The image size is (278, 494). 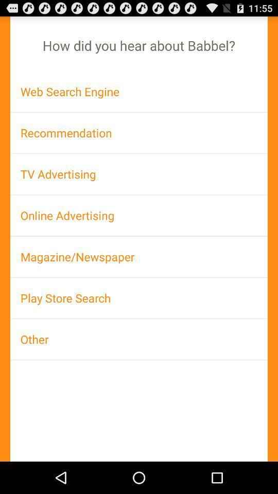 I want to click on recommendation app, so click(x=139, y=132).